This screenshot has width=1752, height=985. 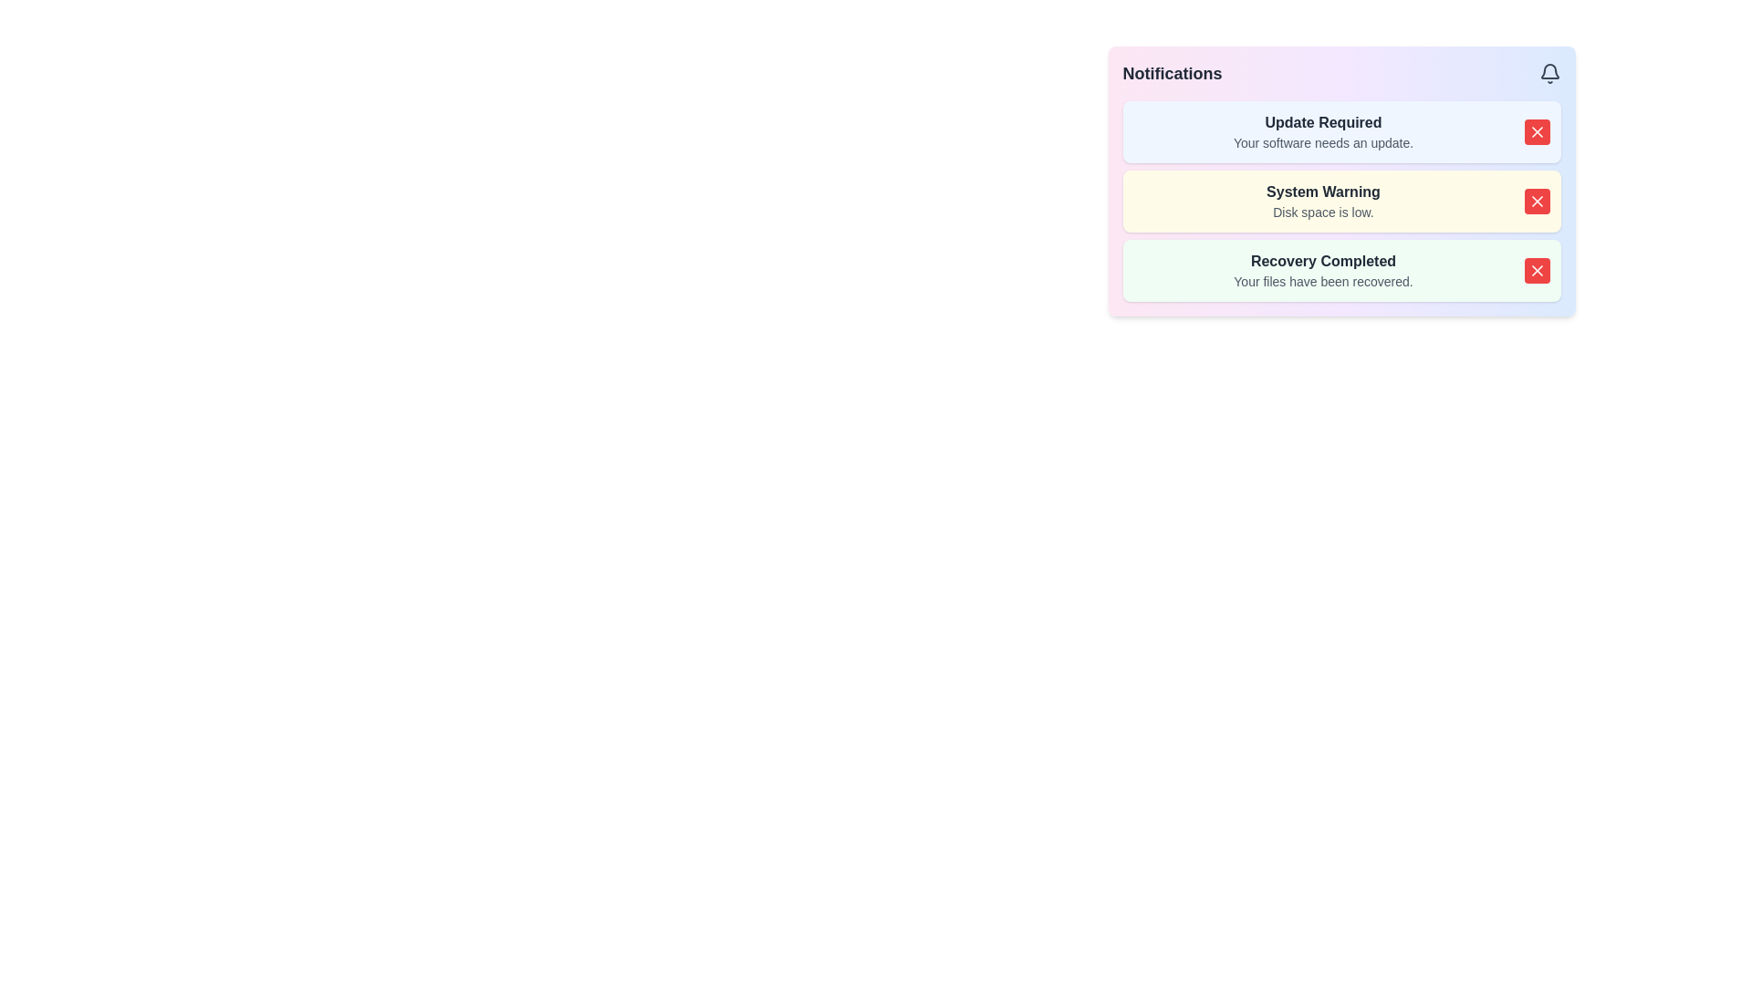 I want to click on notification titled 'System Warning' with the message 'Disk space is low' which is styled with a yellow background and has a red dismiss button to its right, so click(x=1341, y=181).